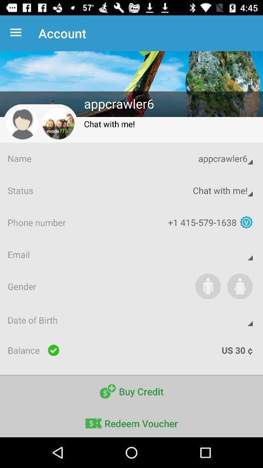 The height and width of the screenshot is (468, 263). I want to click on click male icon, so click(207, 286).